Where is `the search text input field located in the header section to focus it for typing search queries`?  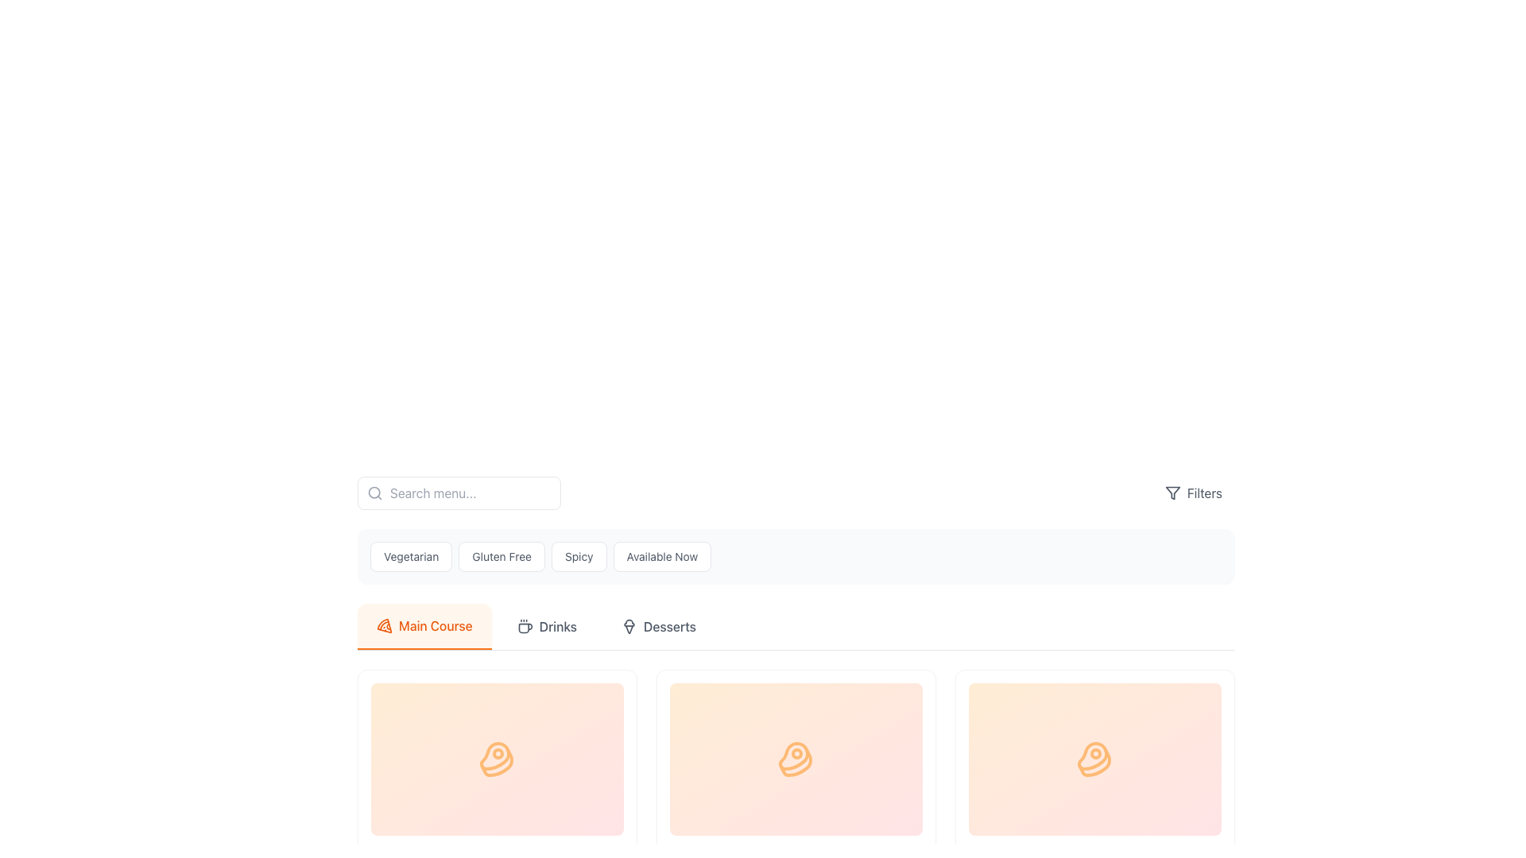
the search text input field located in the header section to focus it for typing search queries is located at coordinates (458, 493).